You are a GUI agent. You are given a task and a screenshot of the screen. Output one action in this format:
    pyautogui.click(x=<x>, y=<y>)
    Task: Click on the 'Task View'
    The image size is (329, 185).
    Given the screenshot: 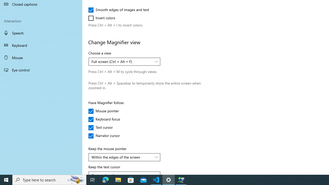 What is the action you would take?
    pyautogui.click(x=92, y=179)
    